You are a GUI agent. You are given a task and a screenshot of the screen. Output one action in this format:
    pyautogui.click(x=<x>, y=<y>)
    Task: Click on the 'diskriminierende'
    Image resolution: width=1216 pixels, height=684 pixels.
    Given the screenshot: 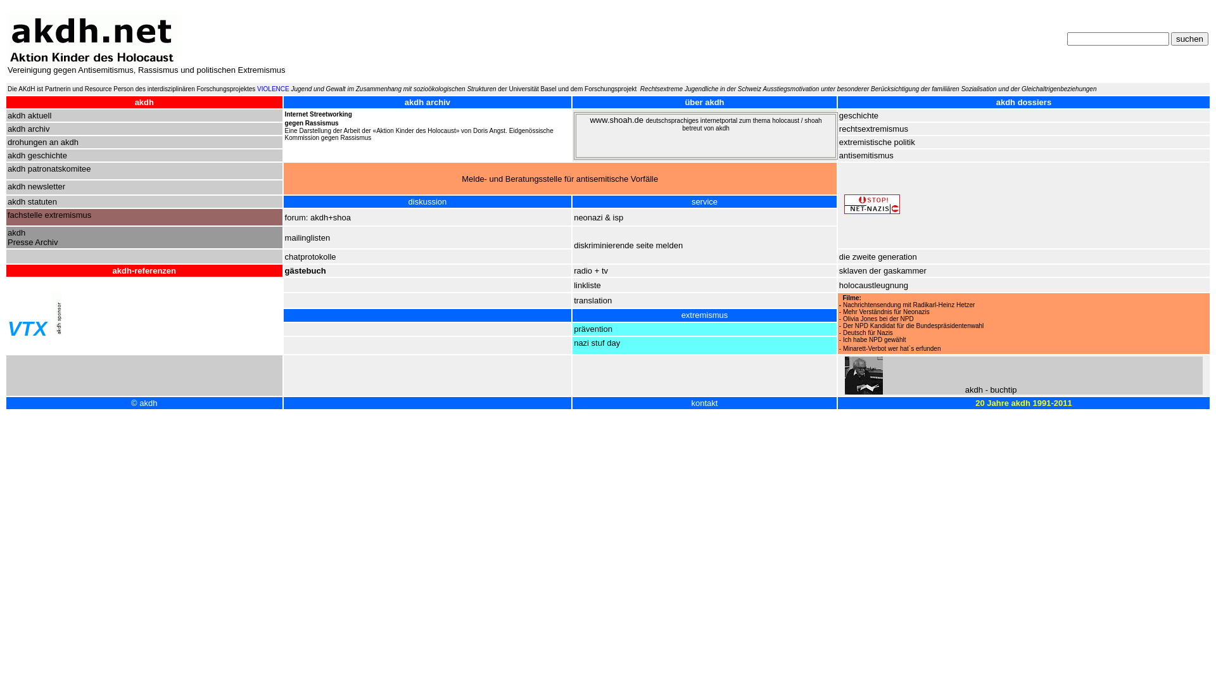 What is the action you would take?
    pyautogui.click(x=604, y=245)
    